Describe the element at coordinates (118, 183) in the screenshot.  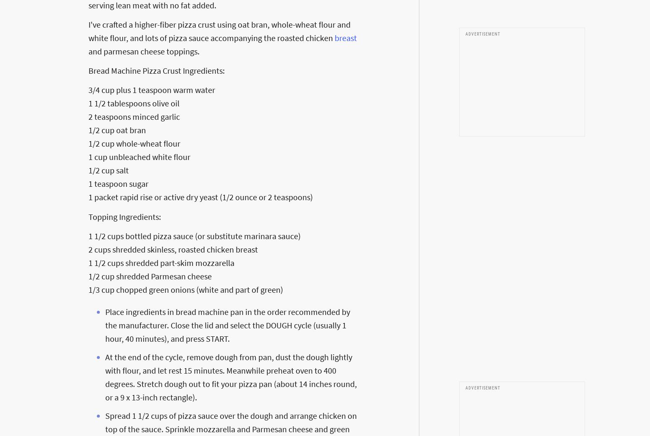
I see `'1 teaspoon sugar'` at that location.